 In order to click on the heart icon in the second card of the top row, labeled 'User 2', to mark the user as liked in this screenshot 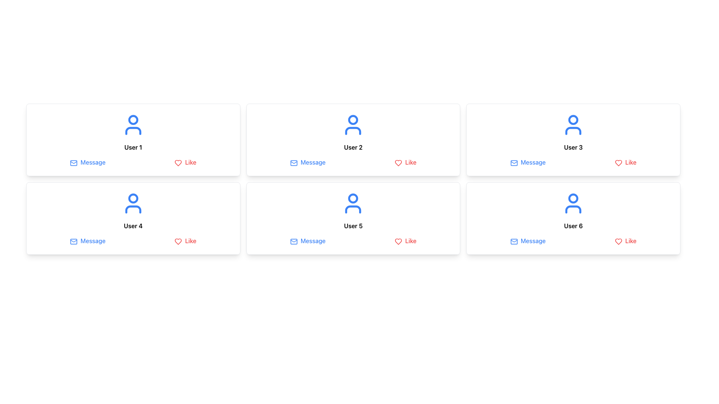, I will do `click(398, 162)`.